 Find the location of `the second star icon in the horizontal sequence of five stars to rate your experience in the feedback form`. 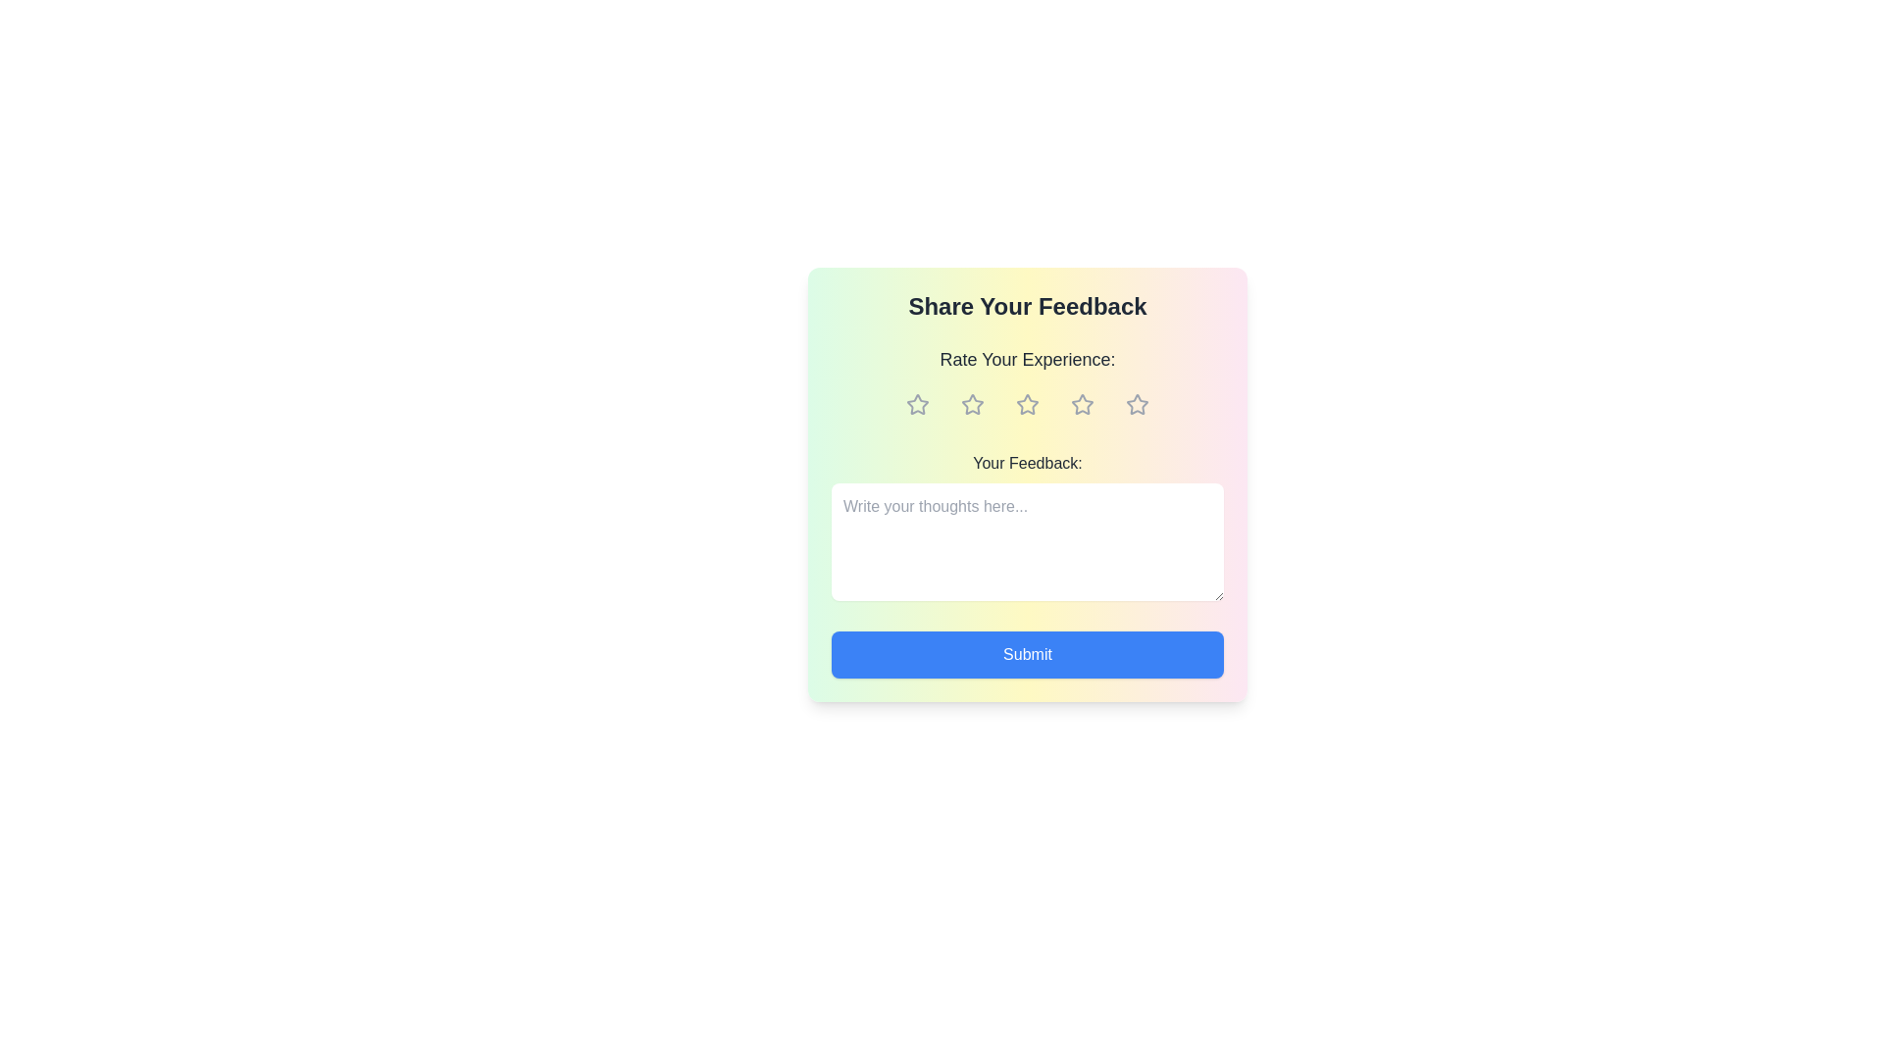

the second star icon in the horizontal sequence of five stars to rate your experience in the feedback form is located at coordinates (973, 403).